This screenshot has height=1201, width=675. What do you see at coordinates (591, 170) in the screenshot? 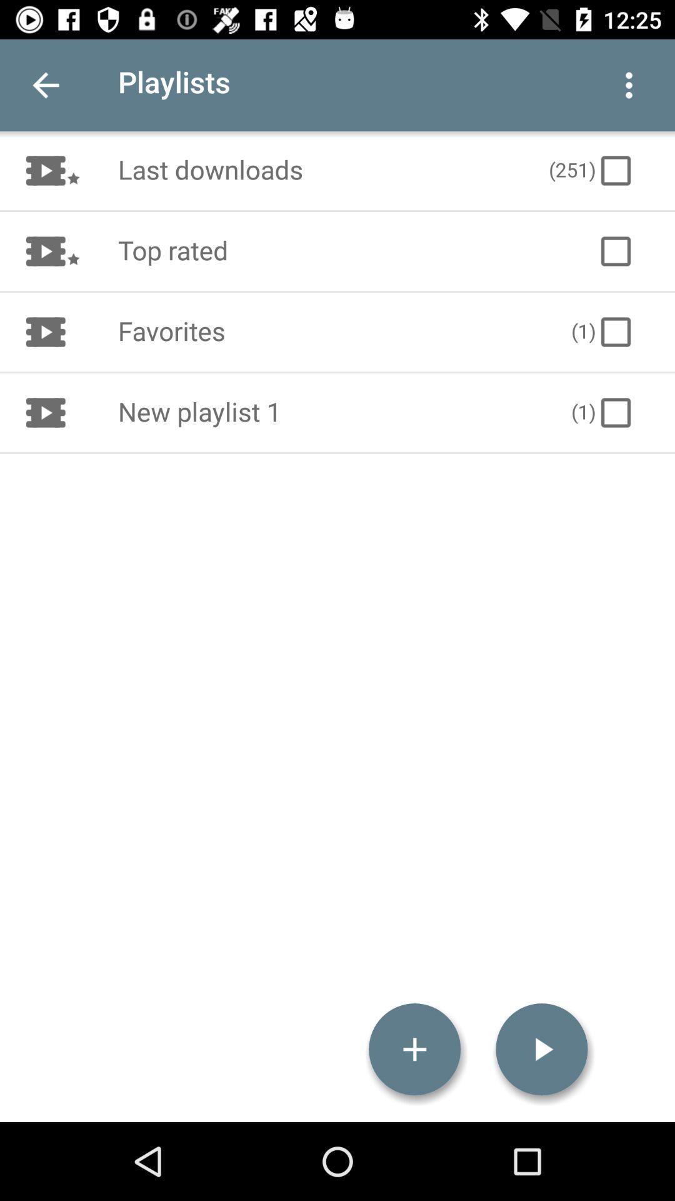
I see `the (251)` at bounding box center [591, 170].